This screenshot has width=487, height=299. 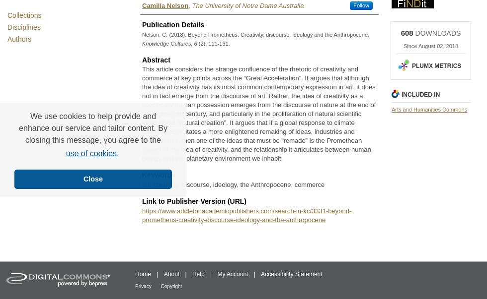 What do you see at coordinates (92, 179) in the screenshot?
I see `'Close'` at bounding box center [92, 179].